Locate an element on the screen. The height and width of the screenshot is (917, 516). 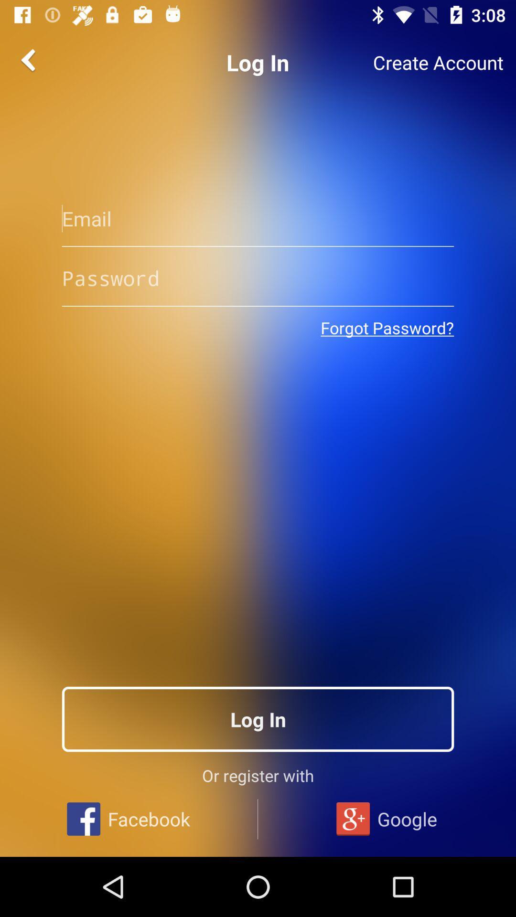
item at the top left corner is located at coordinates (29, 59).